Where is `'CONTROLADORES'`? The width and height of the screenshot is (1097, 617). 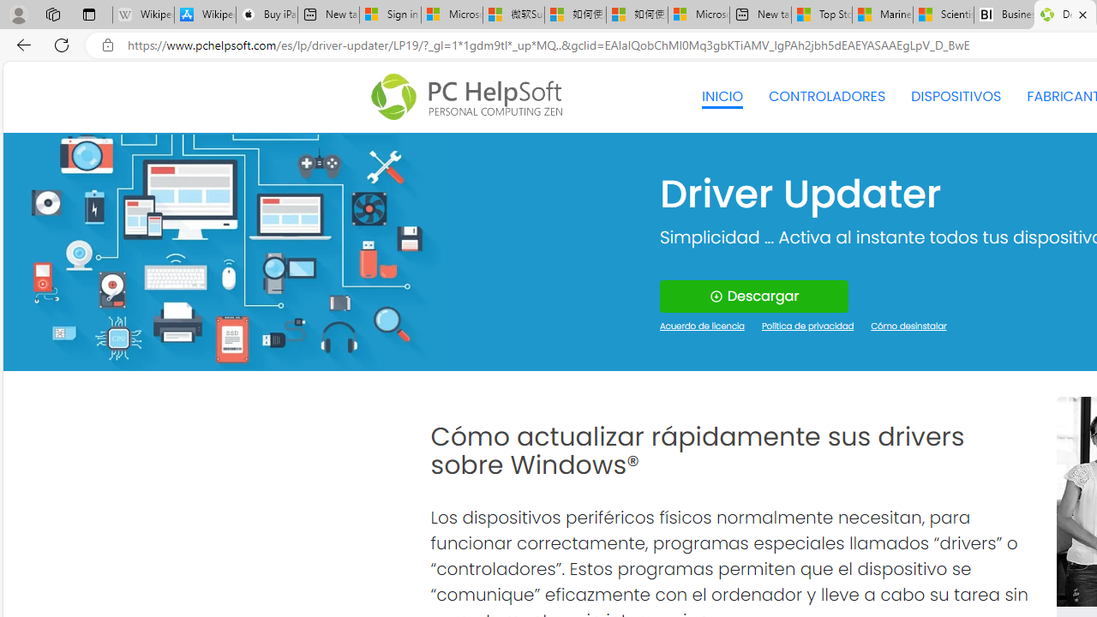 'CONTROLADORES' is located at coordinates (827, 97).